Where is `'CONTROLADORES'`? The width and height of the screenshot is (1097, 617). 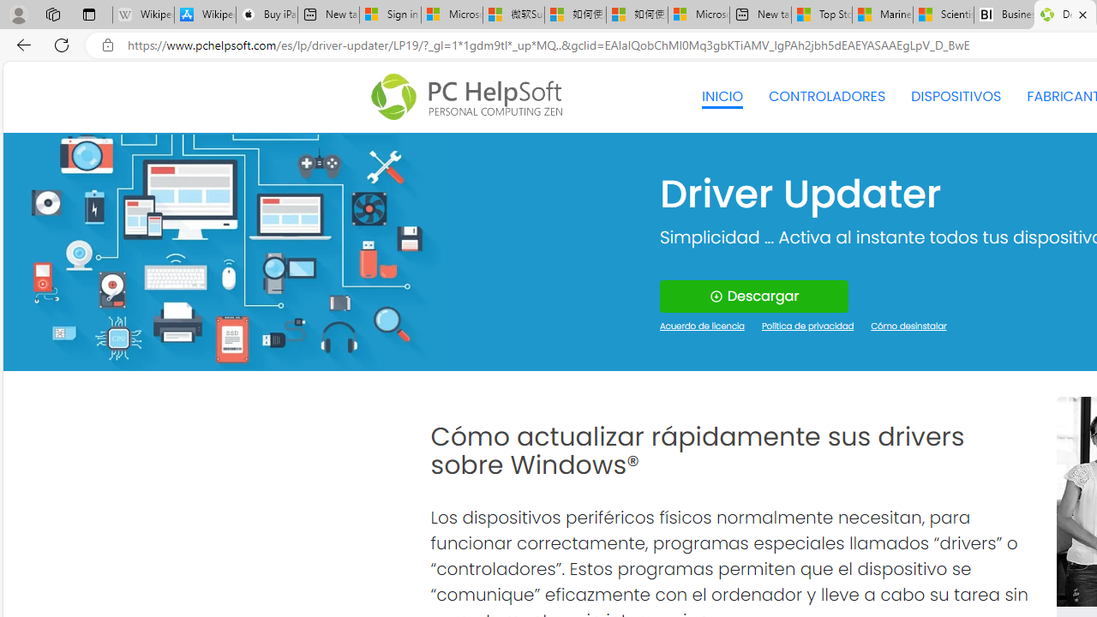 'CONTROLADORES' is located at coordinates (827, 97).